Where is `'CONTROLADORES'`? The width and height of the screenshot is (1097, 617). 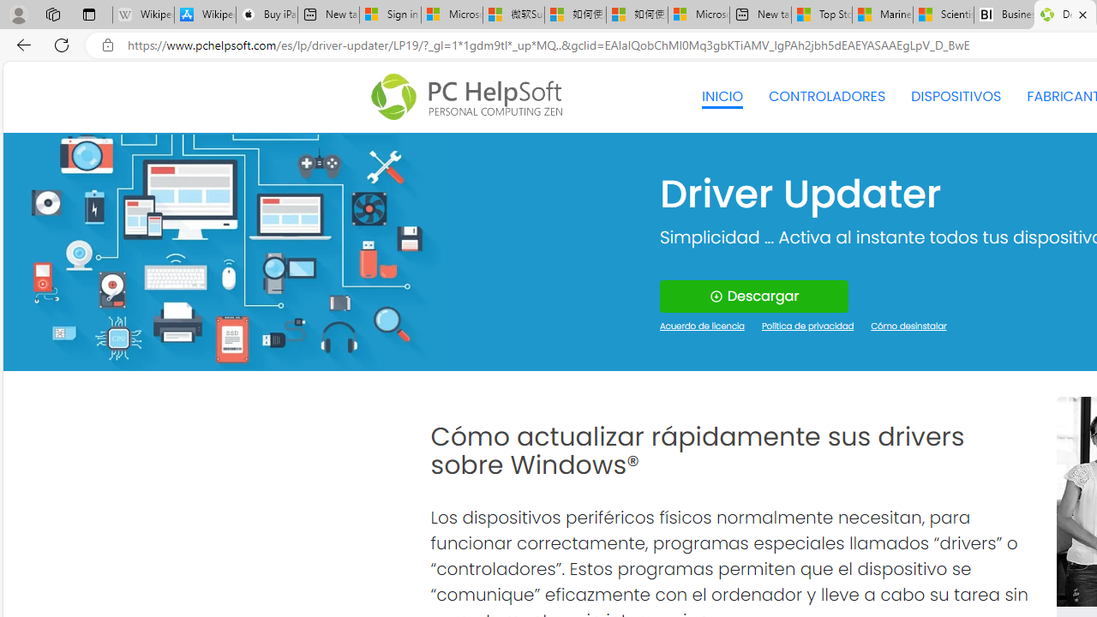 'CONTROLADORES' is located at coordinates (827, 97).